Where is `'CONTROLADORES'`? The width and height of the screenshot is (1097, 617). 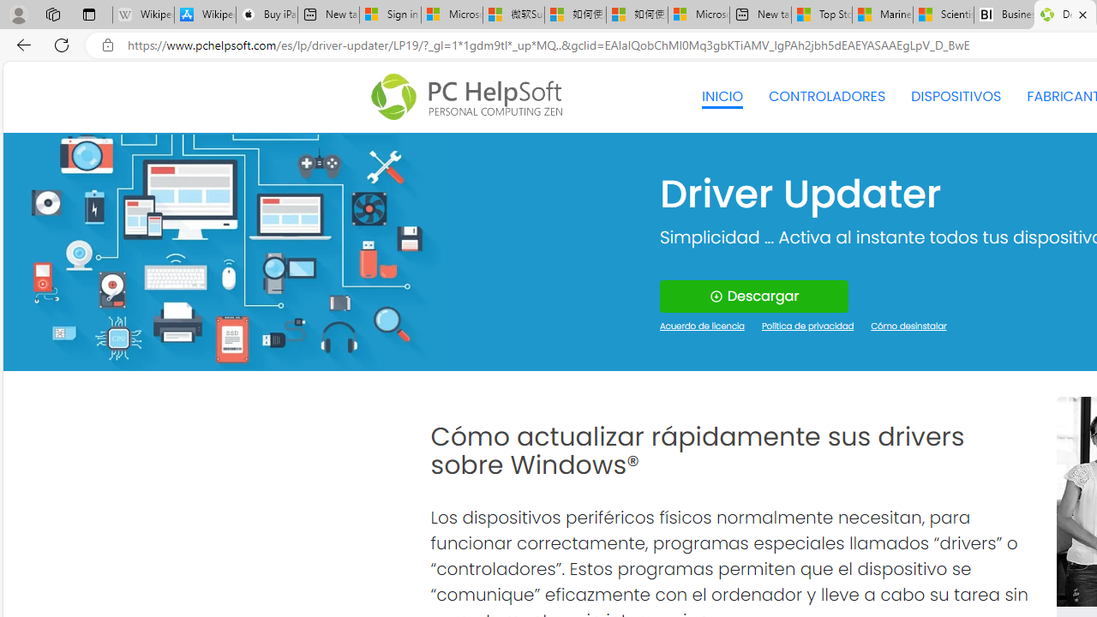 'CONTROLADORES' is located at coordinates (827, 97).